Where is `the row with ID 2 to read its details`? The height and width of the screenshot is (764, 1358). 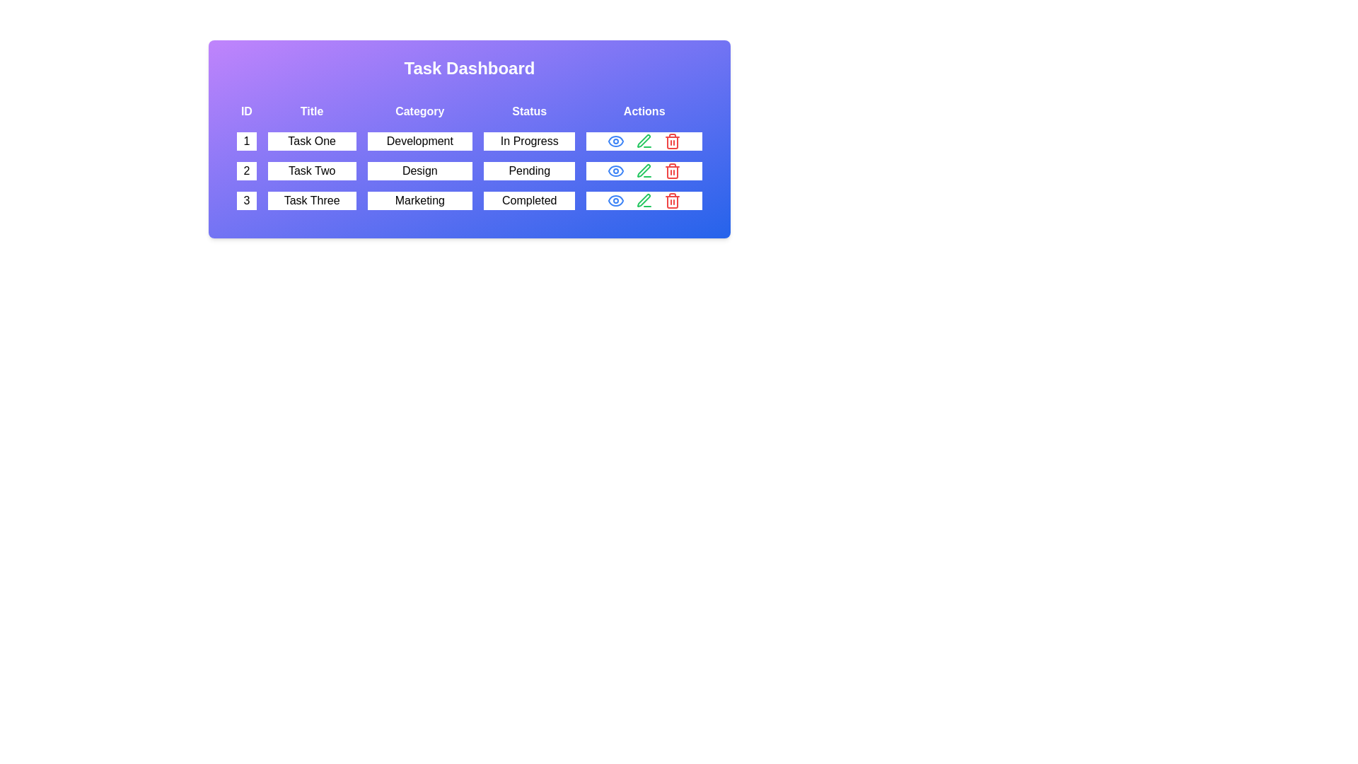 the row with ID 2 to read its details is located at coordinates (469, 170).